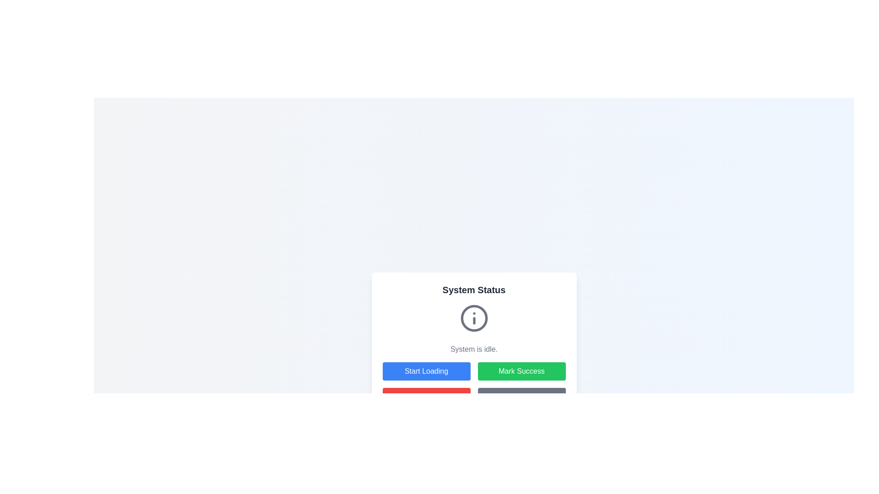  Describe the element at coordinates (474, 317) in the screenshot. I see `the circular information icon with a gray 'i' inside, located in the center of the 'System Status' card, to identify the information it represents` at that location.